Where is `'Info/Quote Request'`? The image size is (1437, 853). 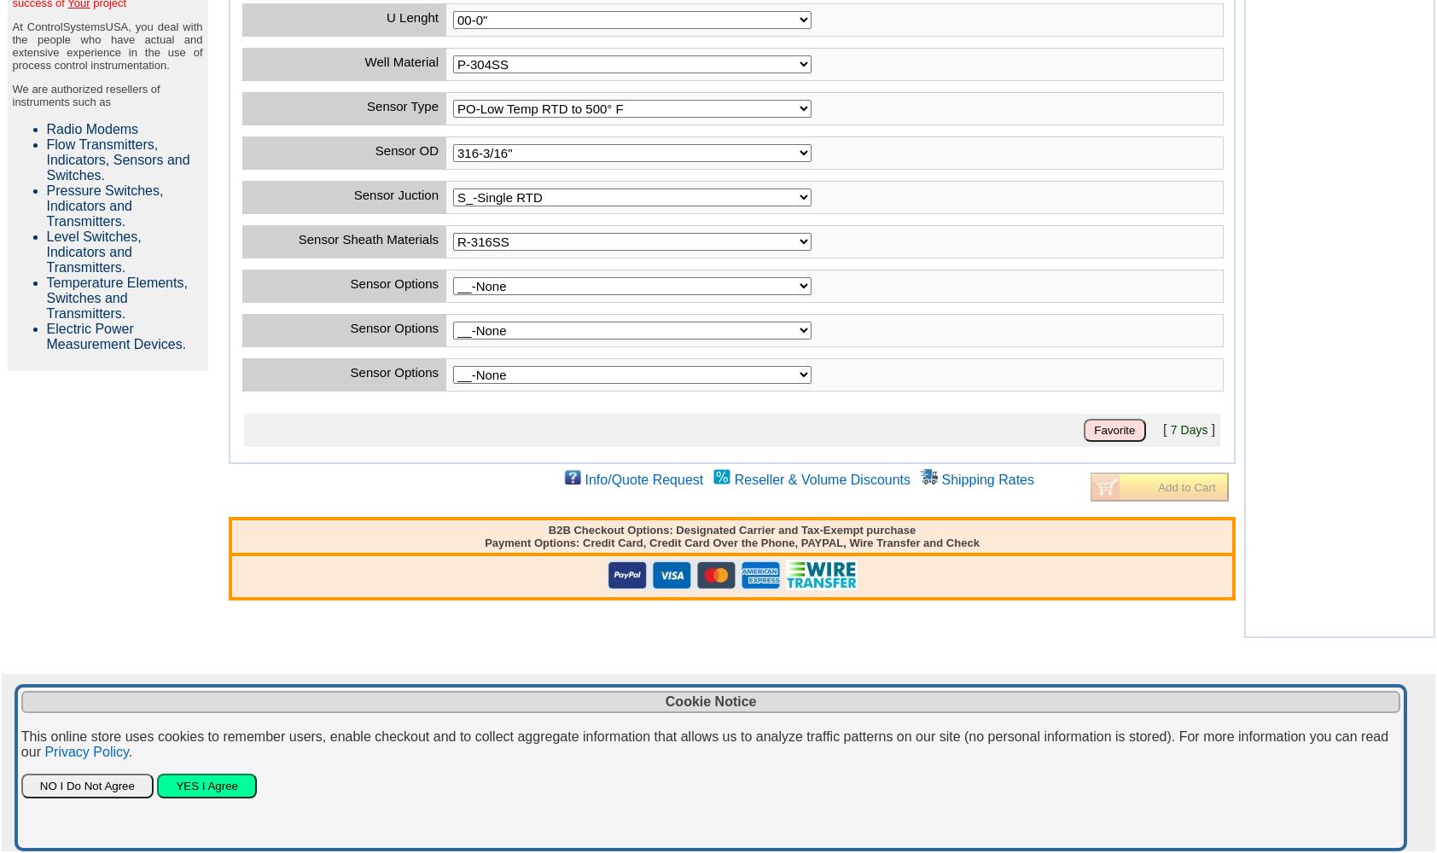 'Info/Quote Request' is located at coordinates (643, 479).